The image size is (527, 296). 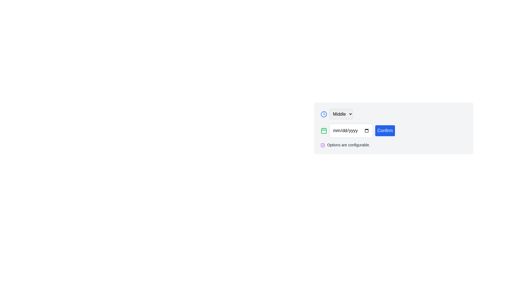 What do you see at coordinates (393, 137) in the screenshot?
I see `the confirm button located to the right of the date input field` at bounding box center [393, 137].